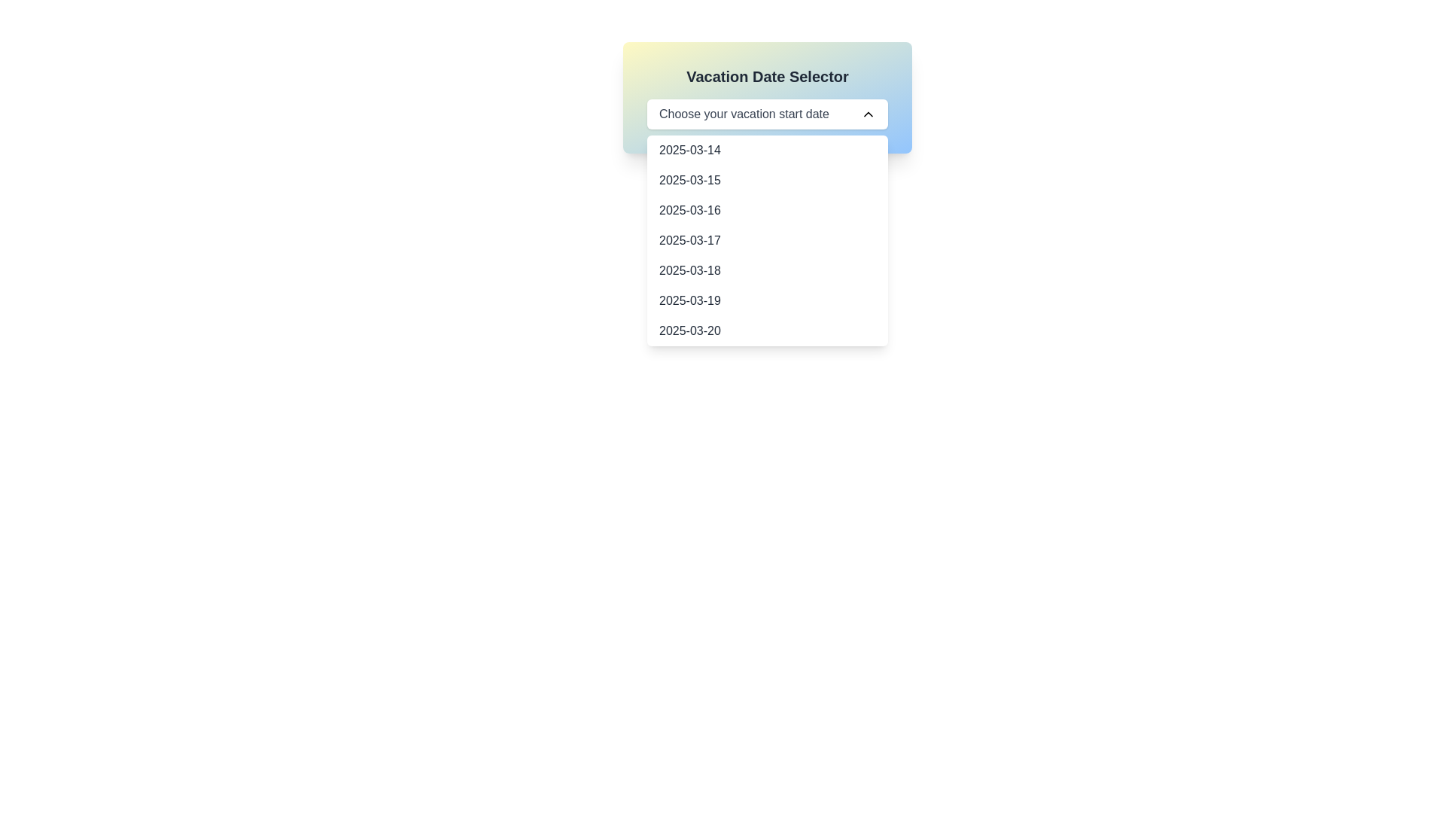  I want to click on the dropdown menu trigger button labeled 'Choose your vacation start date', so click(767, 113).